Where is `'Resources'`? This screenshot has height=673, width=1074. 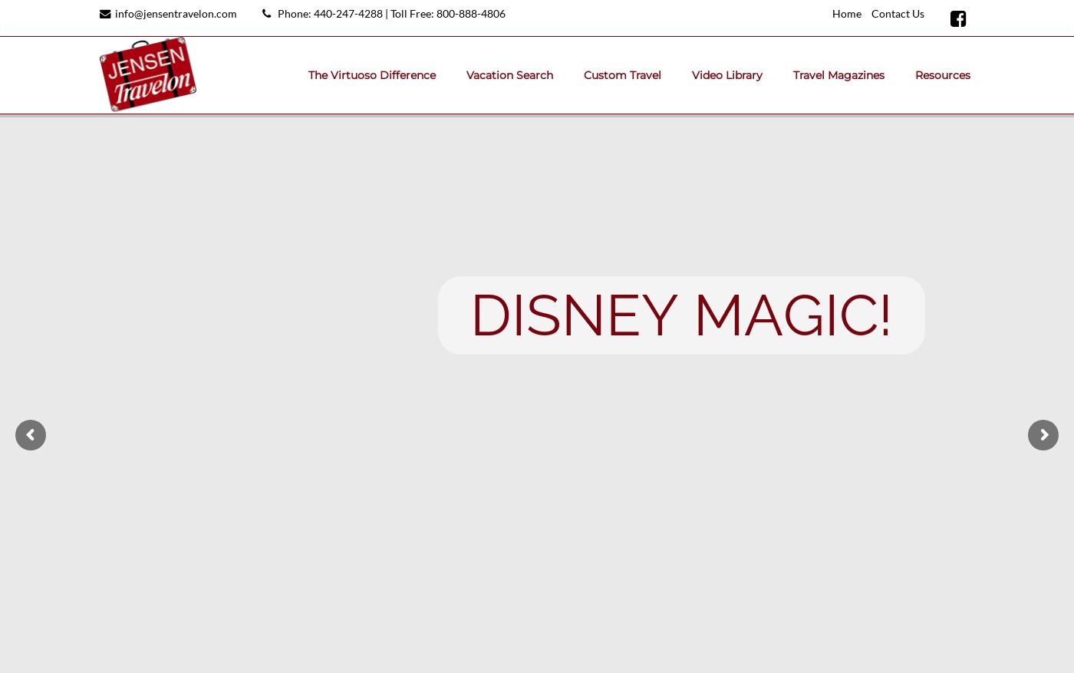 'Resources' is located at coordinates (943, 74).